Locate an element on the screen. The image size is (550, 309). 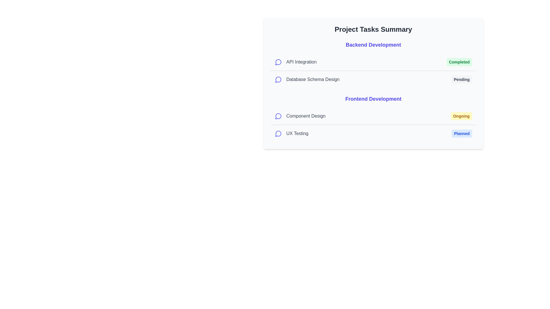
the speech bubble icon associated with the 'API Integration' item in the 'Backend Development' section is located at coordinates (278, 62).